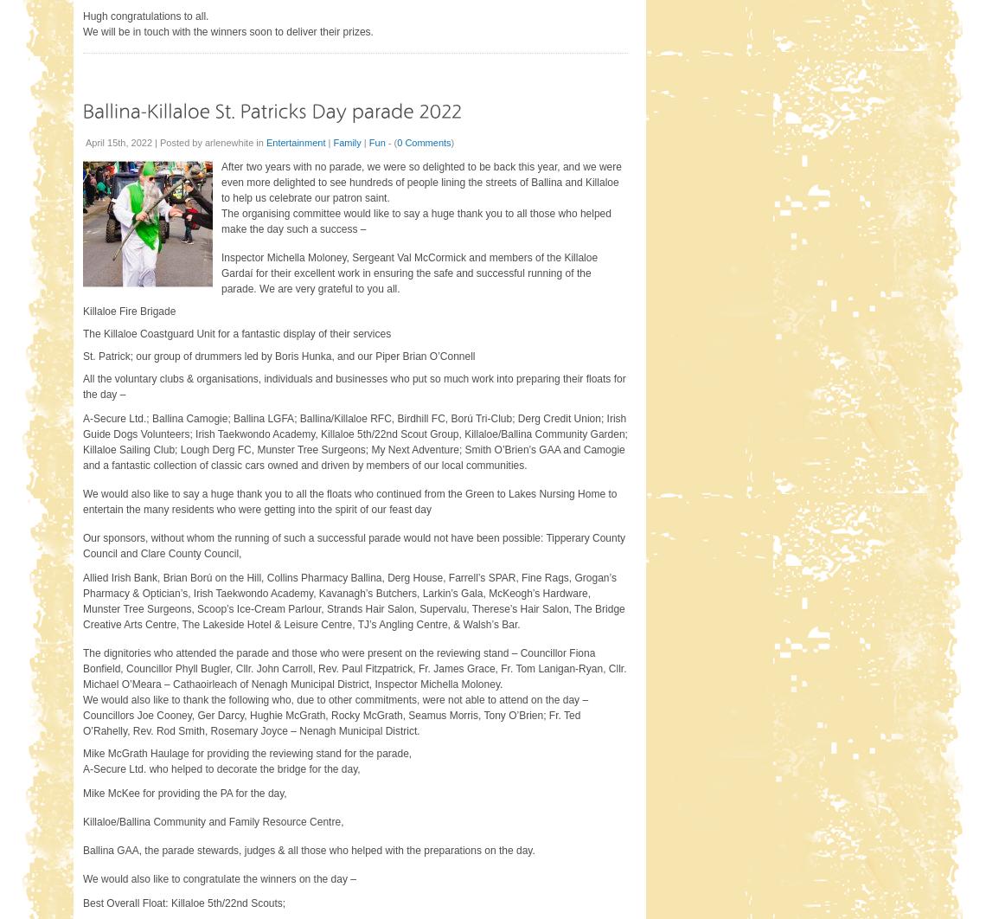  What do you see at coordinates (547, 577) in the screenshot?
I see `'Fine Rags,'` at bounding box center [547, 577].